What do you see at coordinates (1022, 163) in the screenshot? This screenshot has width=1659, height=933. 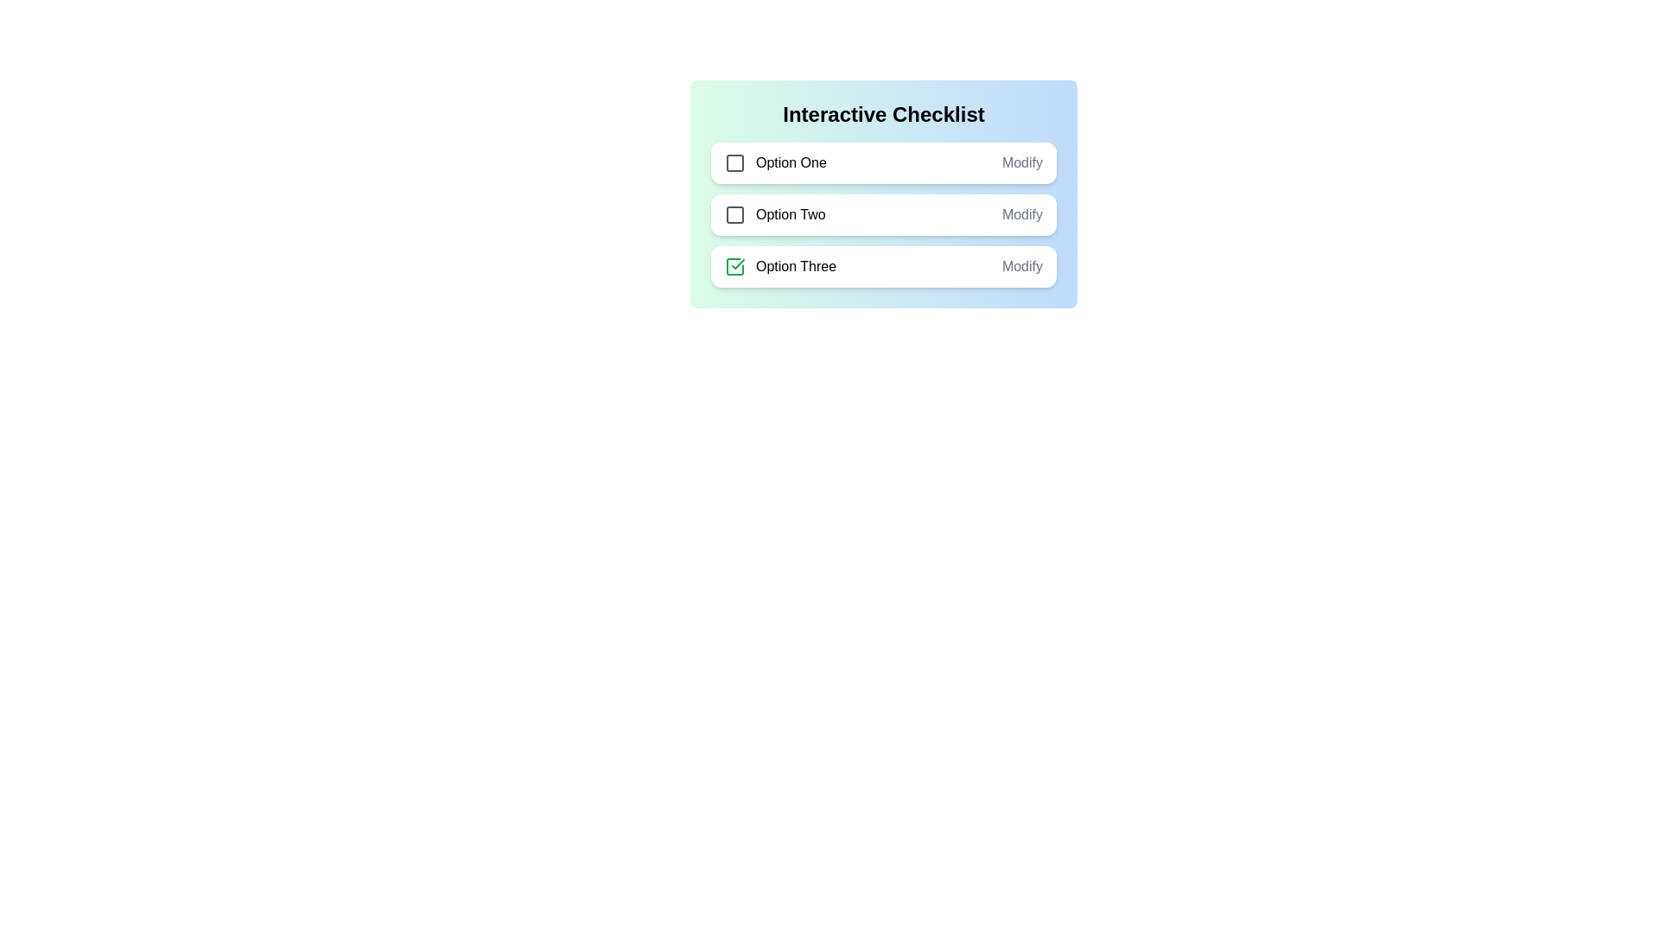 I see `the 'Modify' label next to Option One` at bounding box center [1022, 163].